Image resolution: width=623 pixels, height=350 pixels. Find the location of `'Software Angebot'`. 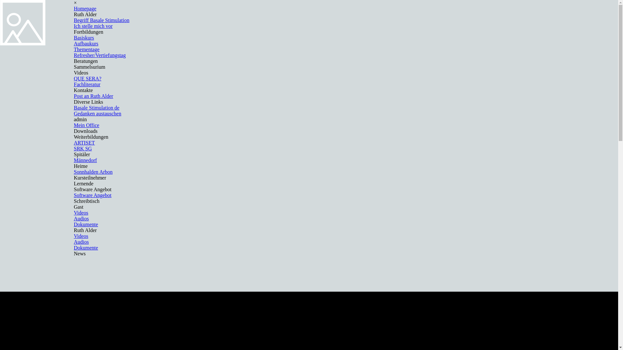

'Software Angebot' is located at coordinates (92, 195).